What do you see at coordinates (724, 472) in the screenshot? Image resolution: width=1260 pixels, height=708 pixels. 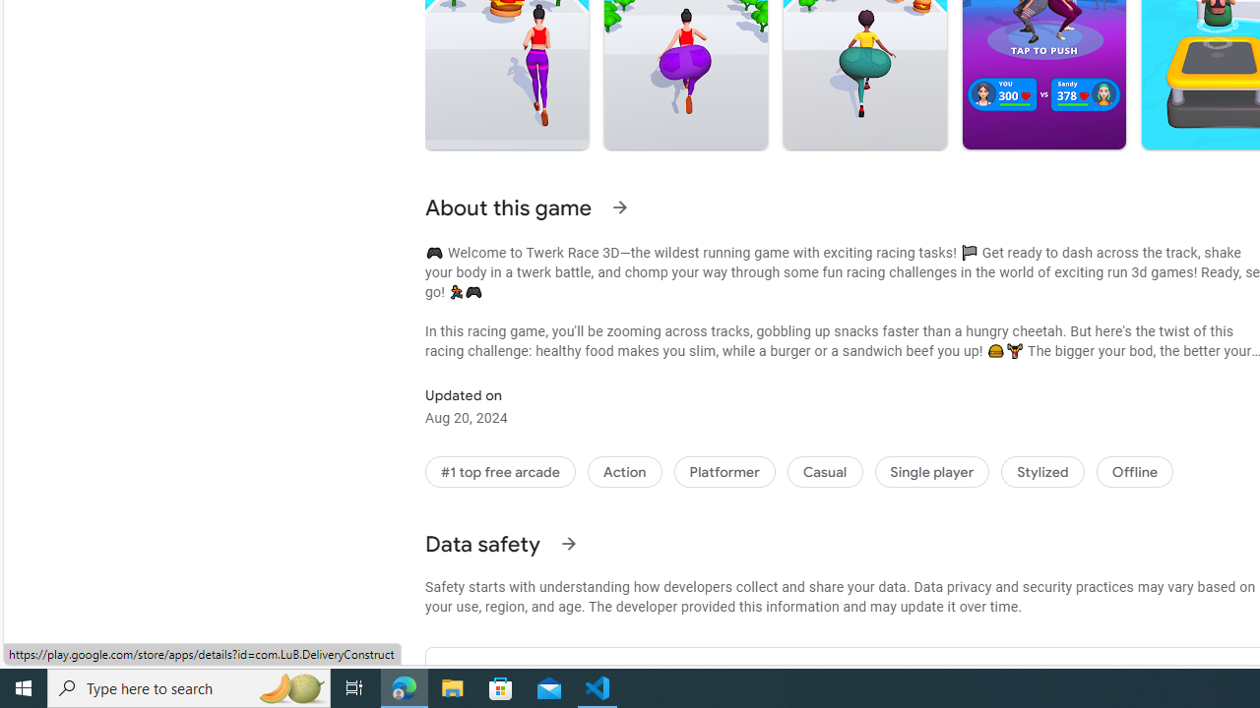 I see `'Platformer'` at bounding box center [724, 472].